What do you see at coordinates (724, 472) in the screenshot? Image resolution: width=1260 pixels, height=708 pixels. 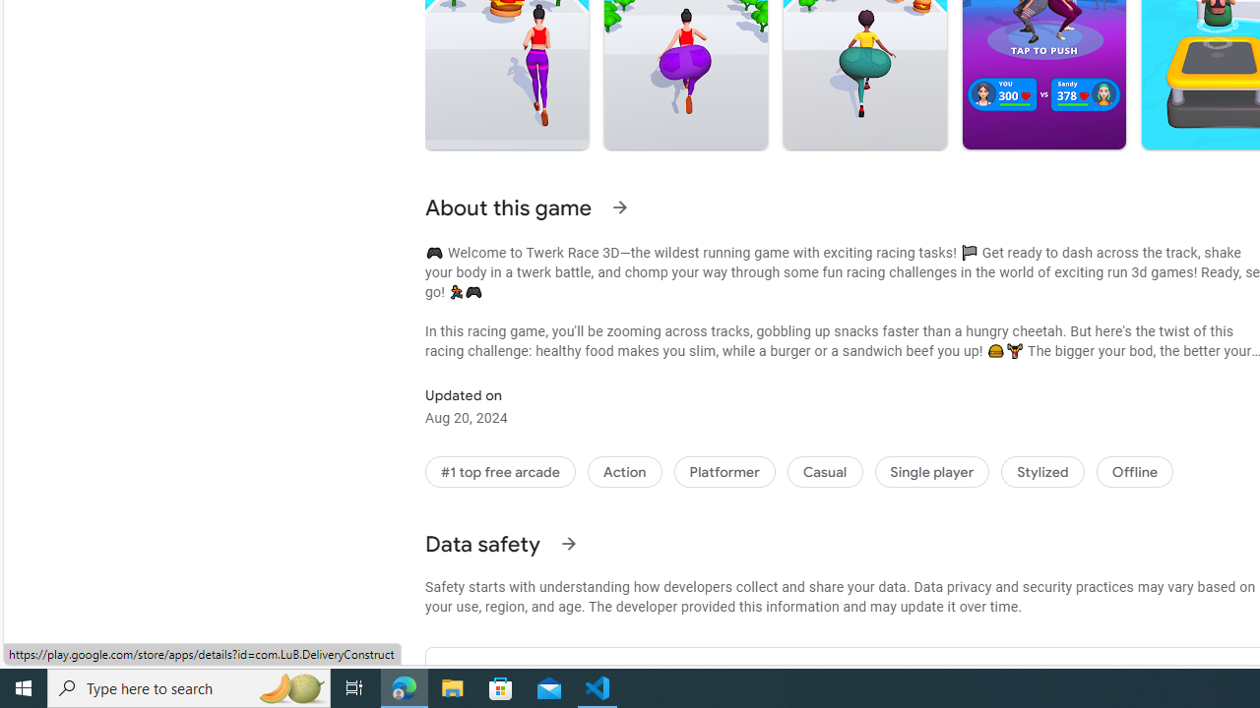 I see `'Platformer'` at bounding box center [724, 472].